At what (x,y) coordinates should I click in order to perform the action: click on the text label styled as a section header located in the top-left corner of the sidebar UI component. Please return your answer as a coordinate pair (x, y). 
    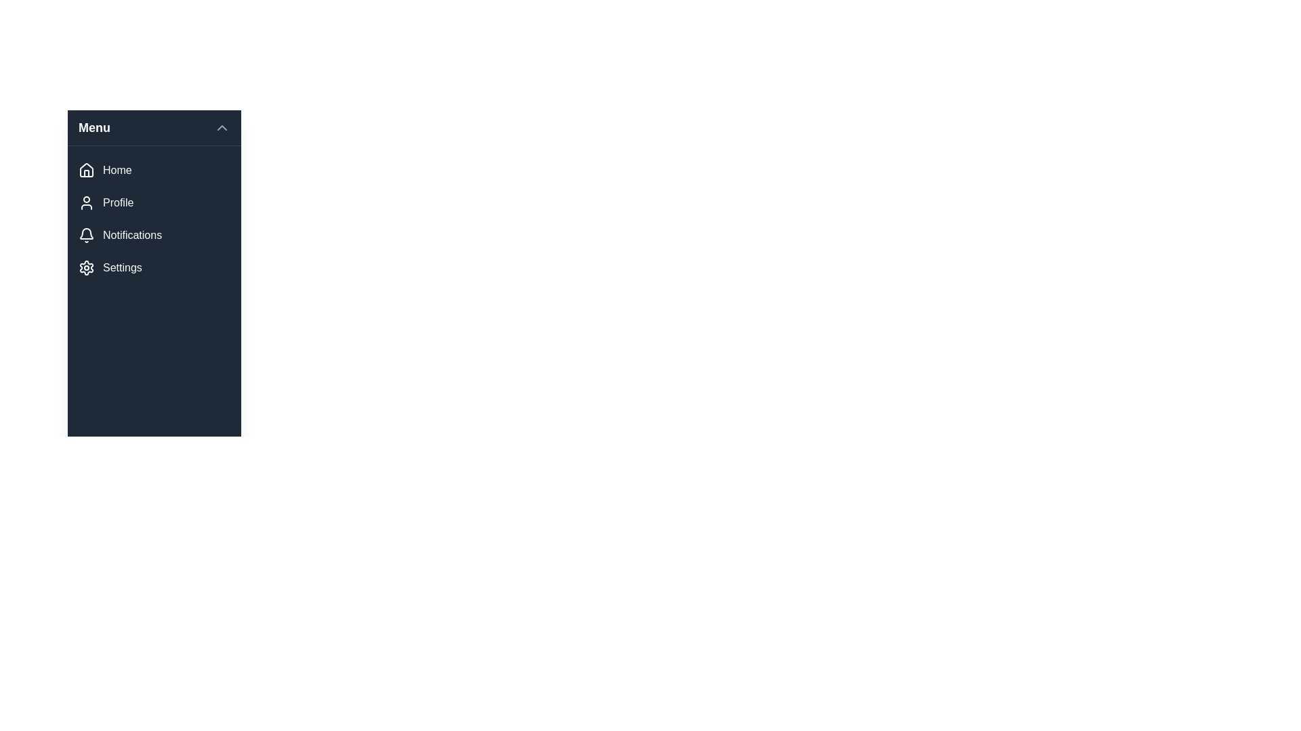
    Looking at the image, I should click on (94, 128).